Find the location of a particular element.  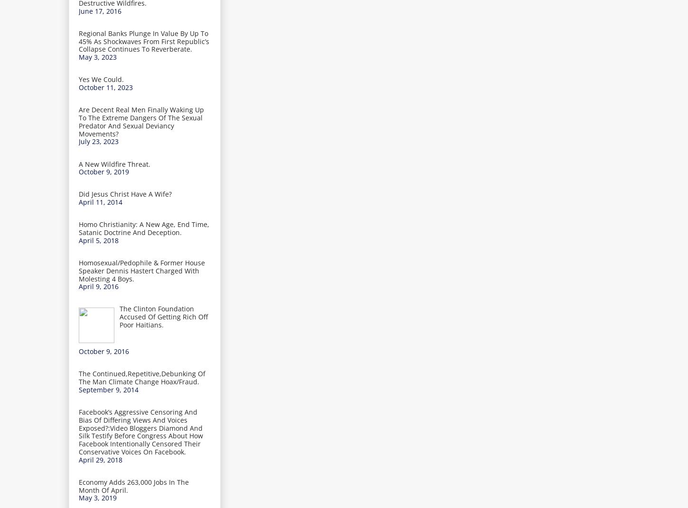

'May 3, 2019' is located at coordinates (97, 498).